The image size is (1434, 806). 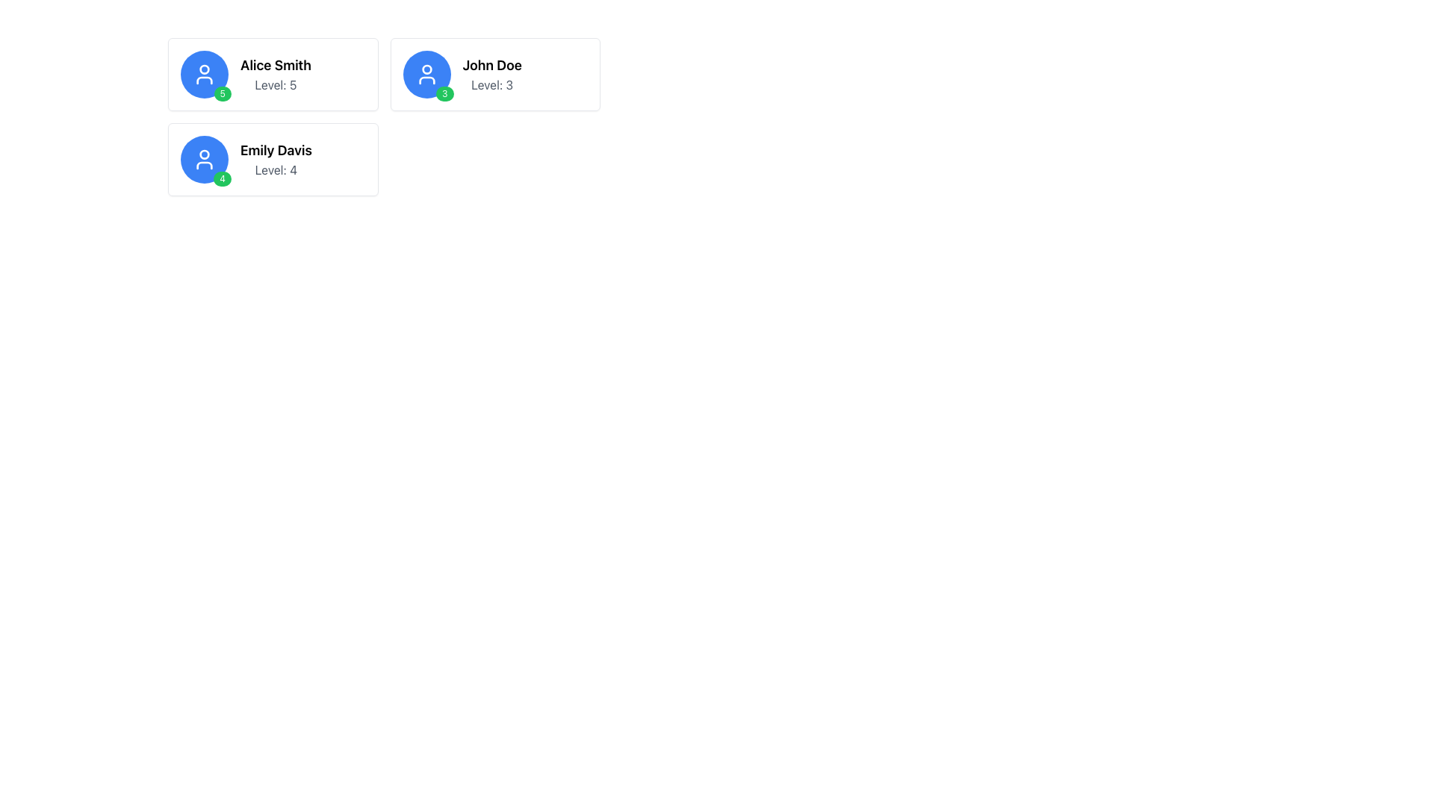 What do you see at coordinates (203, 81) in the screenshot?
I see `the visual presentation of the user avatar silhouette icon located at the base area of the leftmost card in the horizontal arrangement` at bounding box center [203, 81].